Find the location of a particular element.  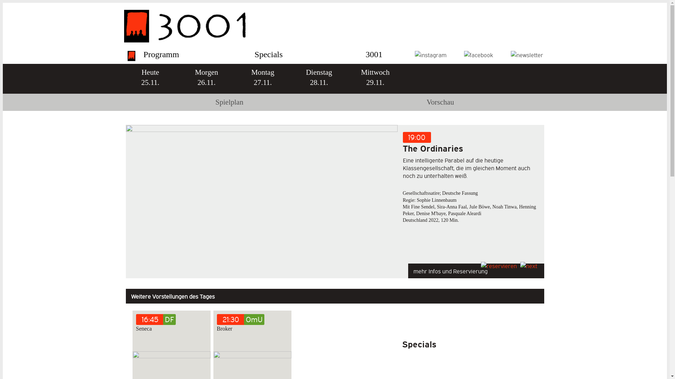

'Spielplan' is located at coordinates (229, 102).